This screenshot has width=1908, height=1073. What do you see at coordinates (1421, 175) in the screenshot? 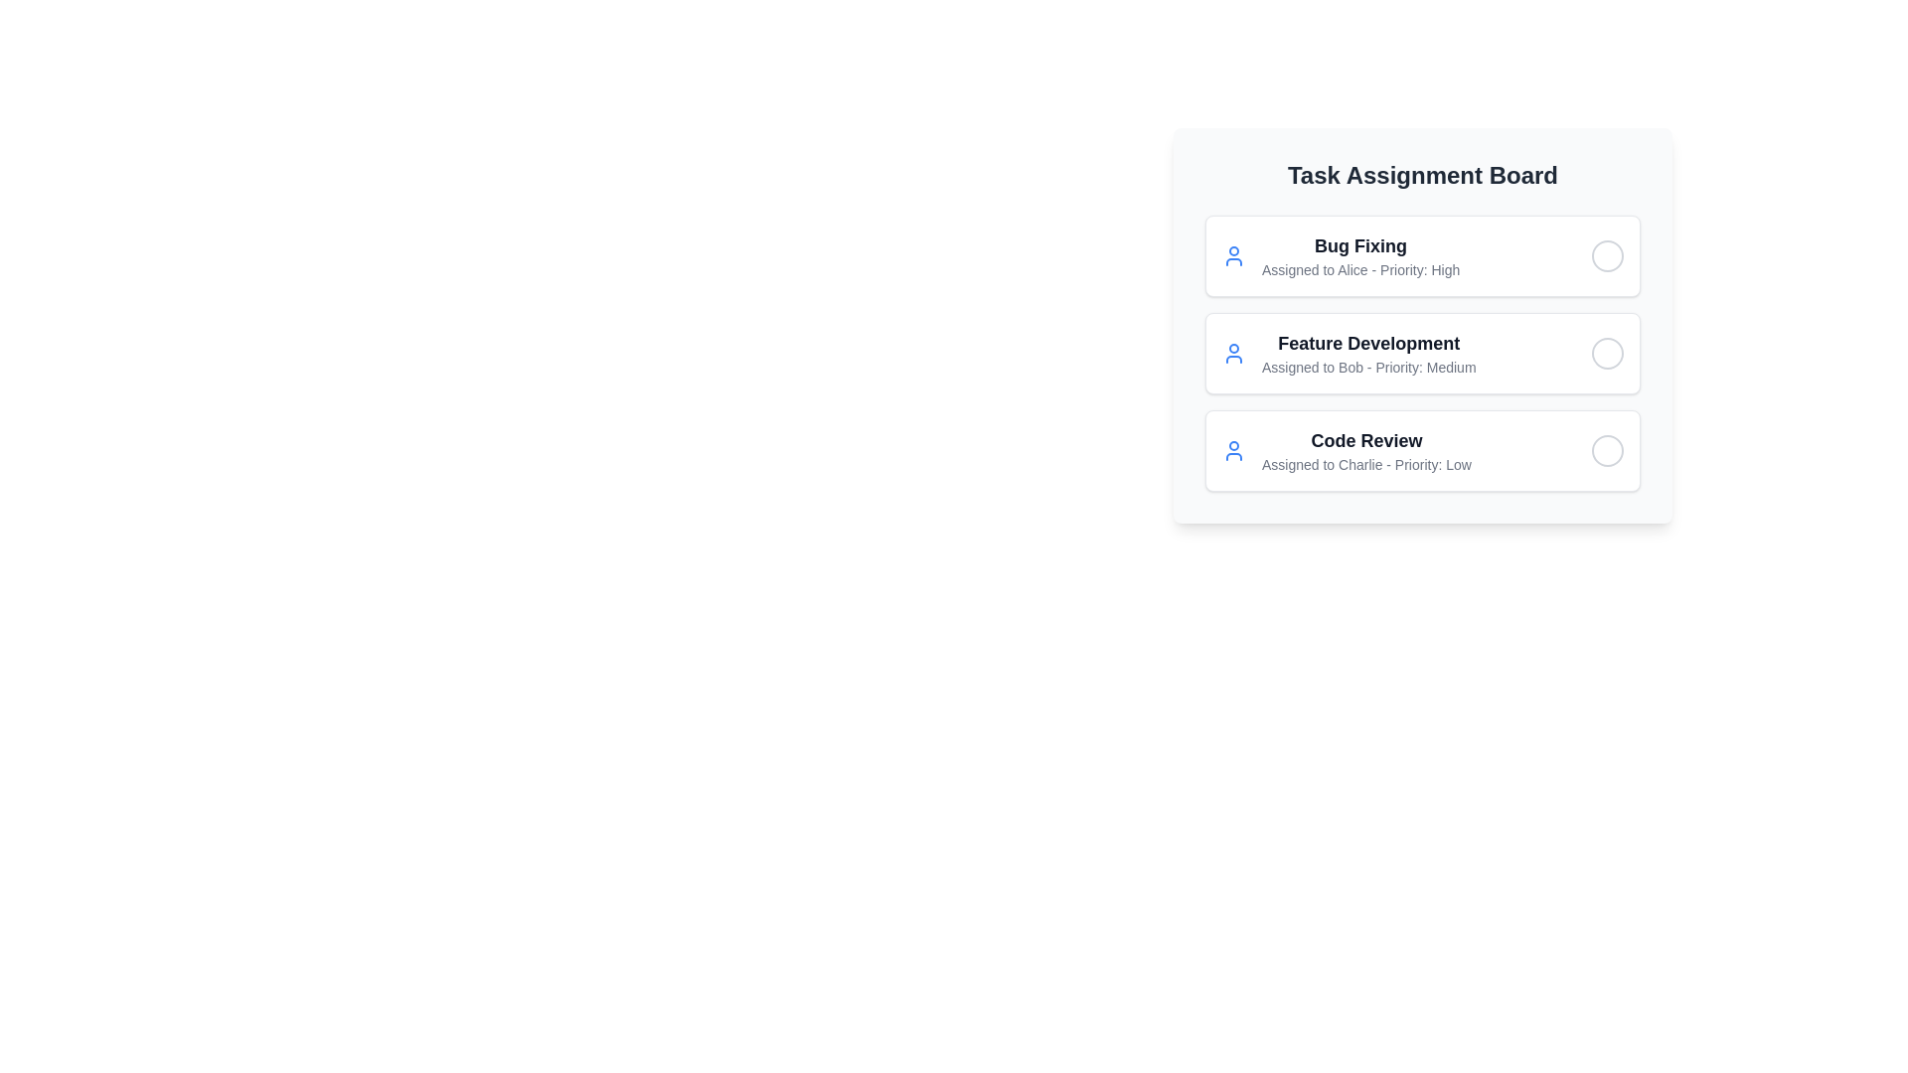
I see `the prominent title text labeled 'Task Assignment Board', which is styled in bold and larger font, located at the top-center of a card-like panel` at bounding box center [1421, 175].